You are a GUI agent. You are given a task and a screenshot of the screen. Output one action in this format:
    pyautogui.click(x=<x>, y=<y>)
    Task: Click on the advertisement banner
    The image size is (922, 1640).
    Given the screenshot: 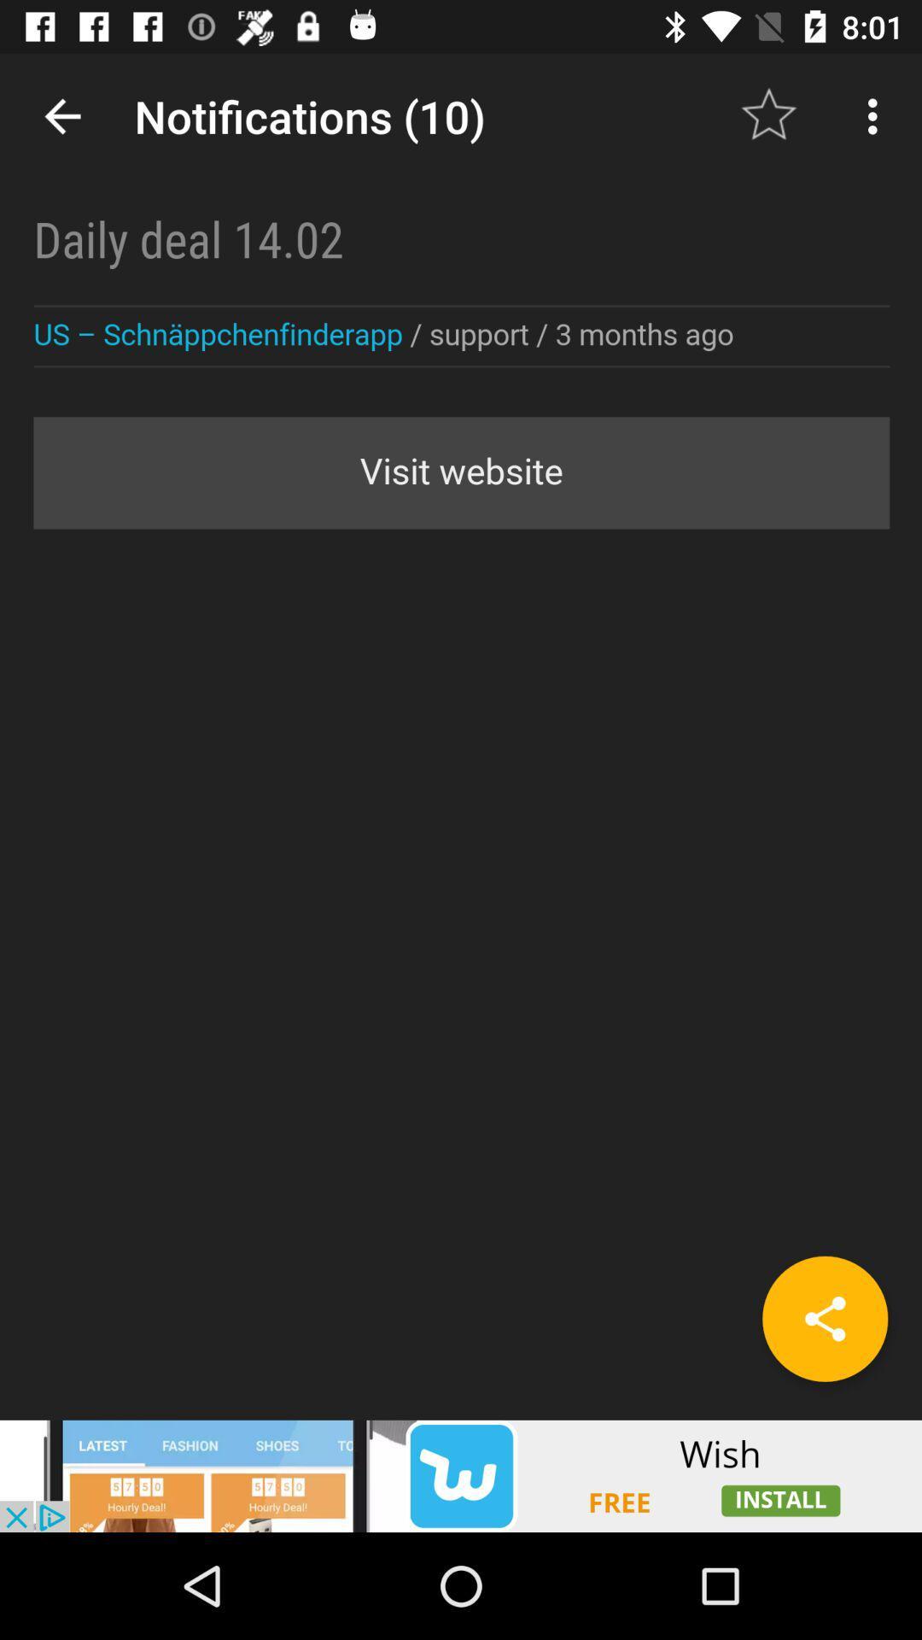 What is the action you would take?
    pyautogui.click(x=461, y=1475)
    